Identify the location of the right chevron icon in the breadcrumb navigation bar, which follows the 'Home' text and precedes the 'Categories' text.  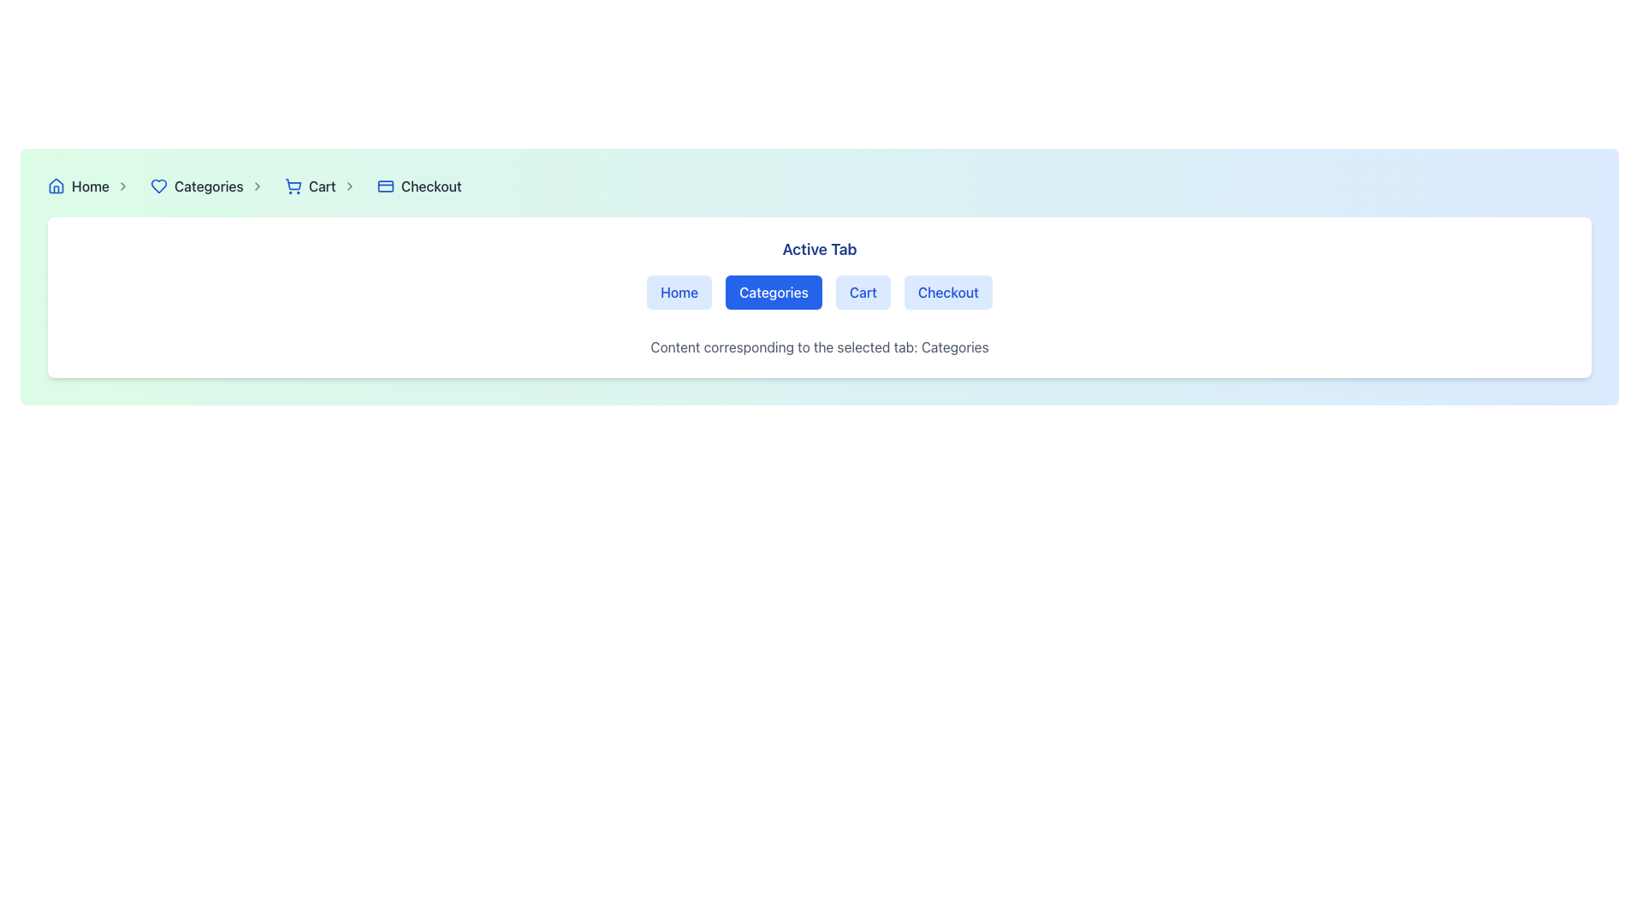
(122, 187).